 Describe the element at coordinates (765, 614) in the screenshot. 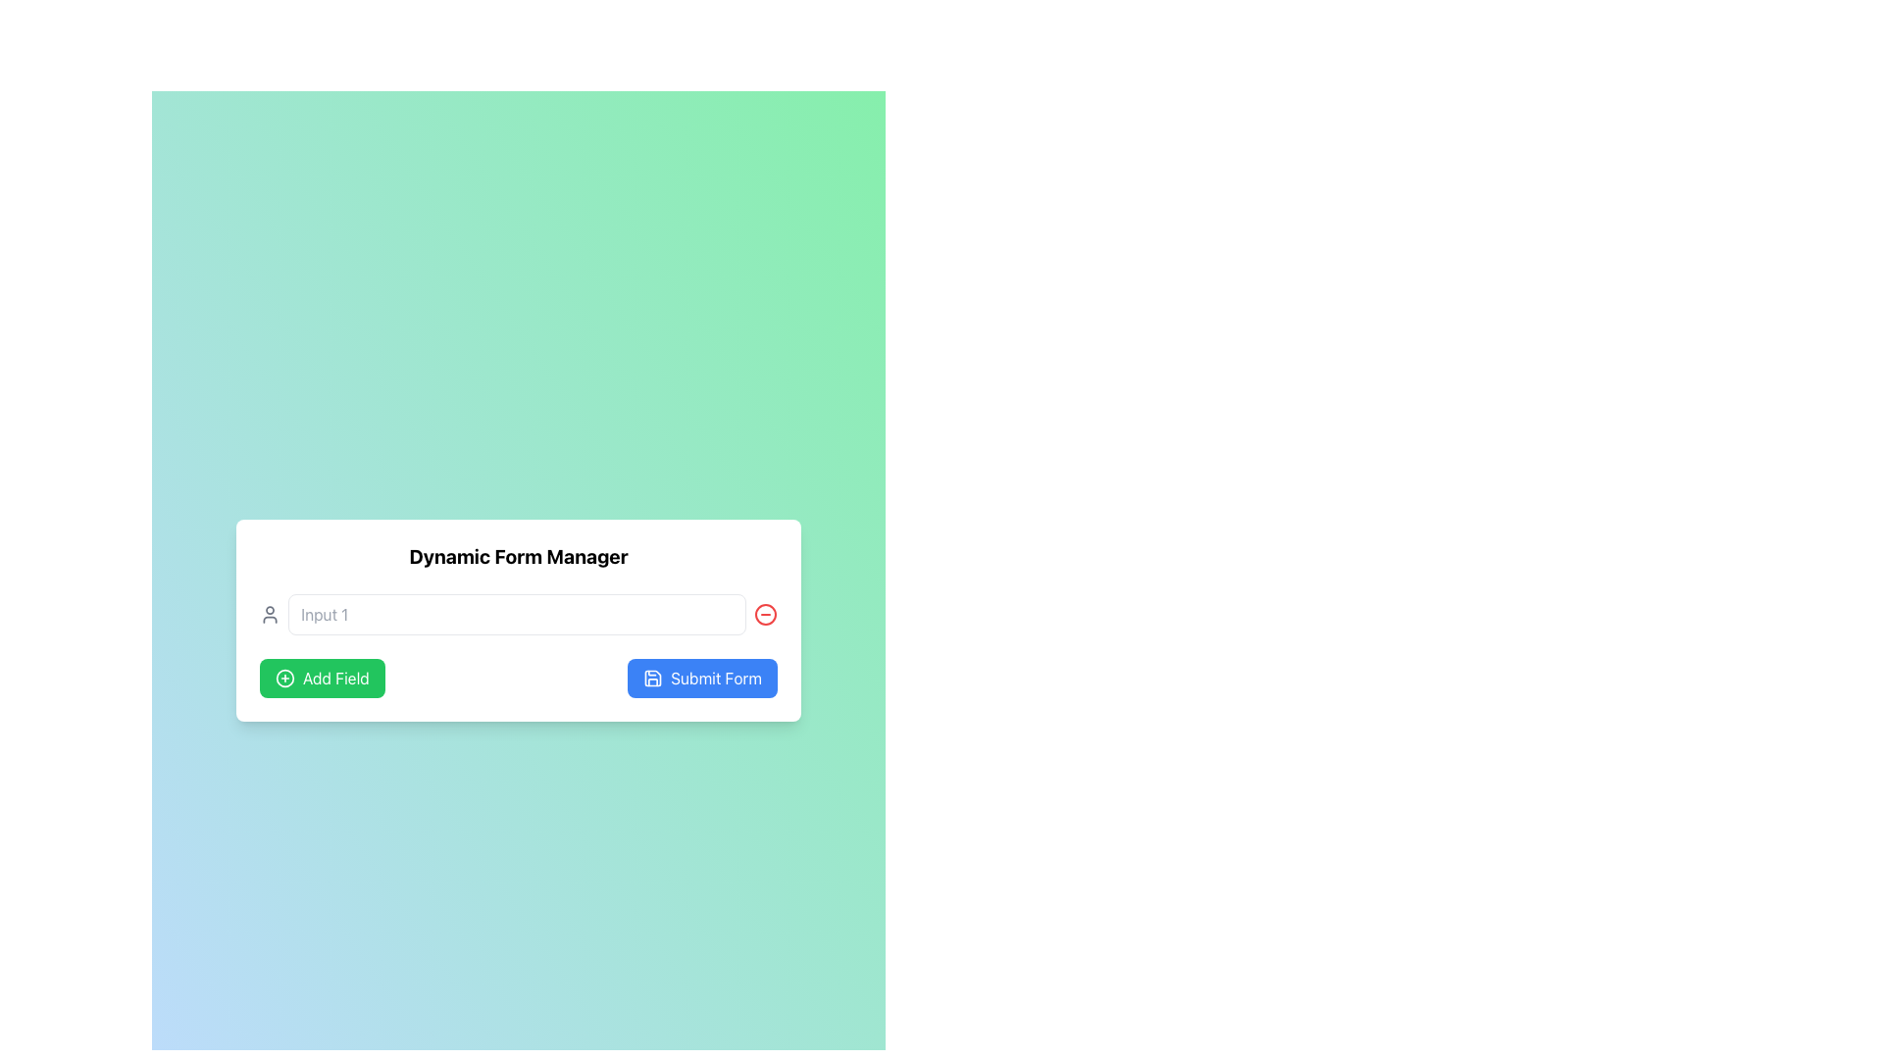

I see `the delete button positioned at the right edge of the input field labeled 'Input 1'` at that location.